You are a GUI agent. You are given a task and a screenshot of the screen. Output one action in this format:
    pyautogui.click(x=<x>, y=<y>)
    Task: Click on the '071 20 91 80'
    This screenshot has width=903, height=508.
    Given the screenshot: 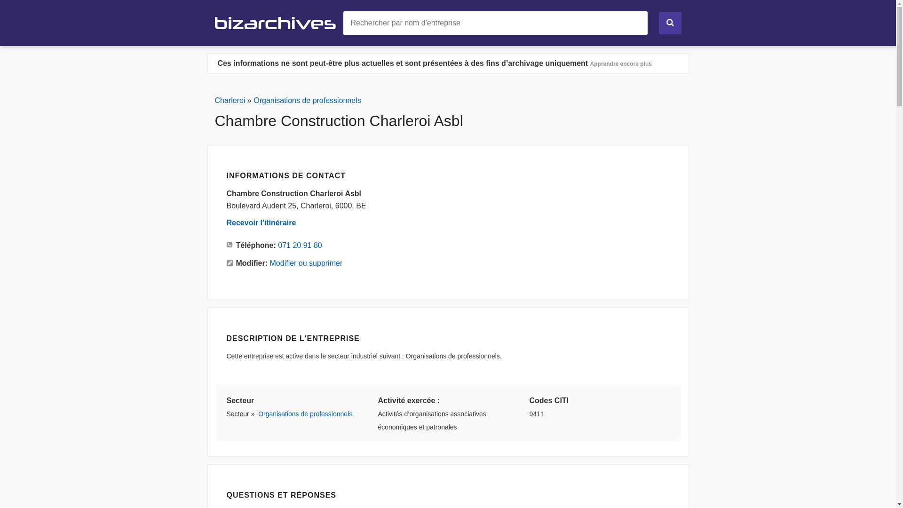 What is the action you would take?
    pyautogui.click(x=277, y=245)
    